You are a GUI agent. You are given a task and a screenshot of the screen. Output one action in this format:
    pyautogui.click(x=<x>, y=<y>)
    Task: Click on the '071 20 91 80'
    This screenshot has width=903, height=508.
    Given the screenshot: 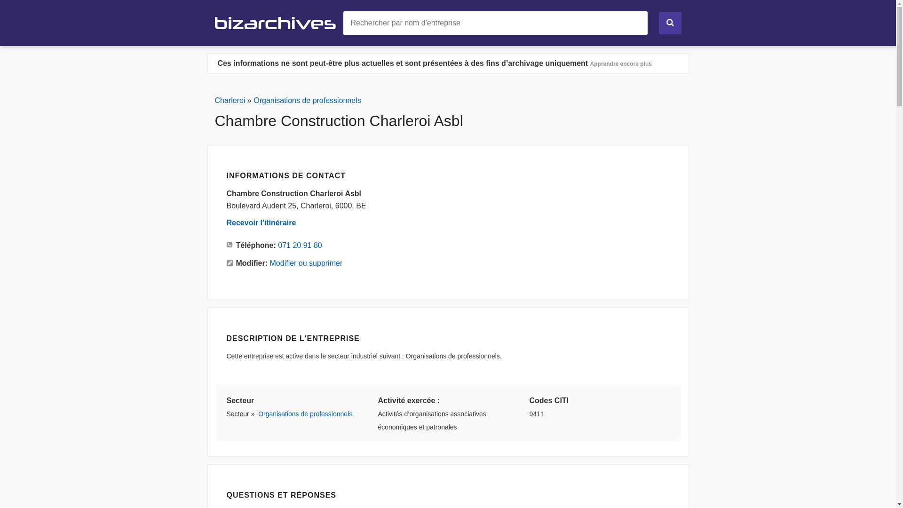 What is the action you would take?
    pyautogui.click(x=277, y=245)
    